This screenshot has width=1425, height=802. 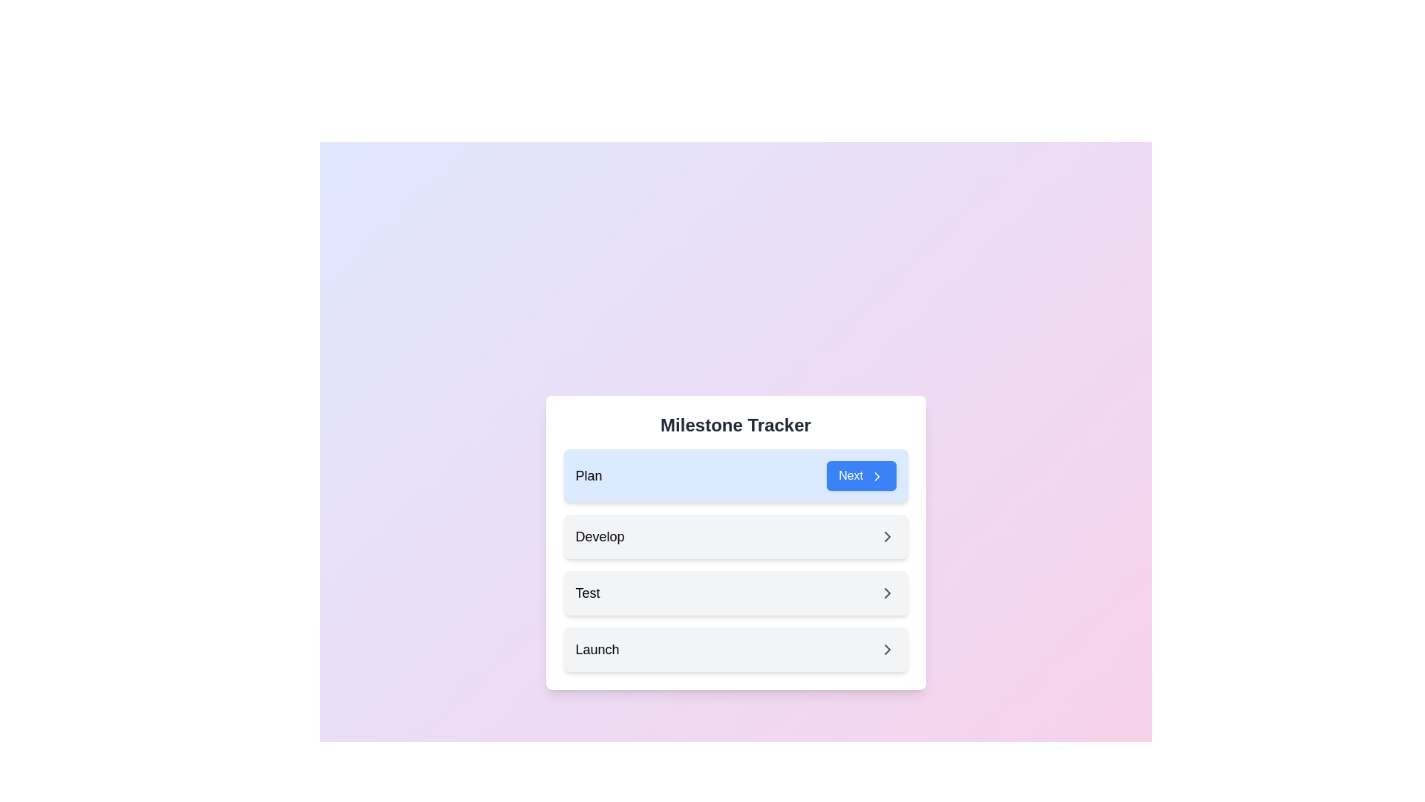 I want to click on the right-pointing arrow icon within the blue 'Next' button located at the top right corner of the 'Plan' section, so click(x=877, y=476).